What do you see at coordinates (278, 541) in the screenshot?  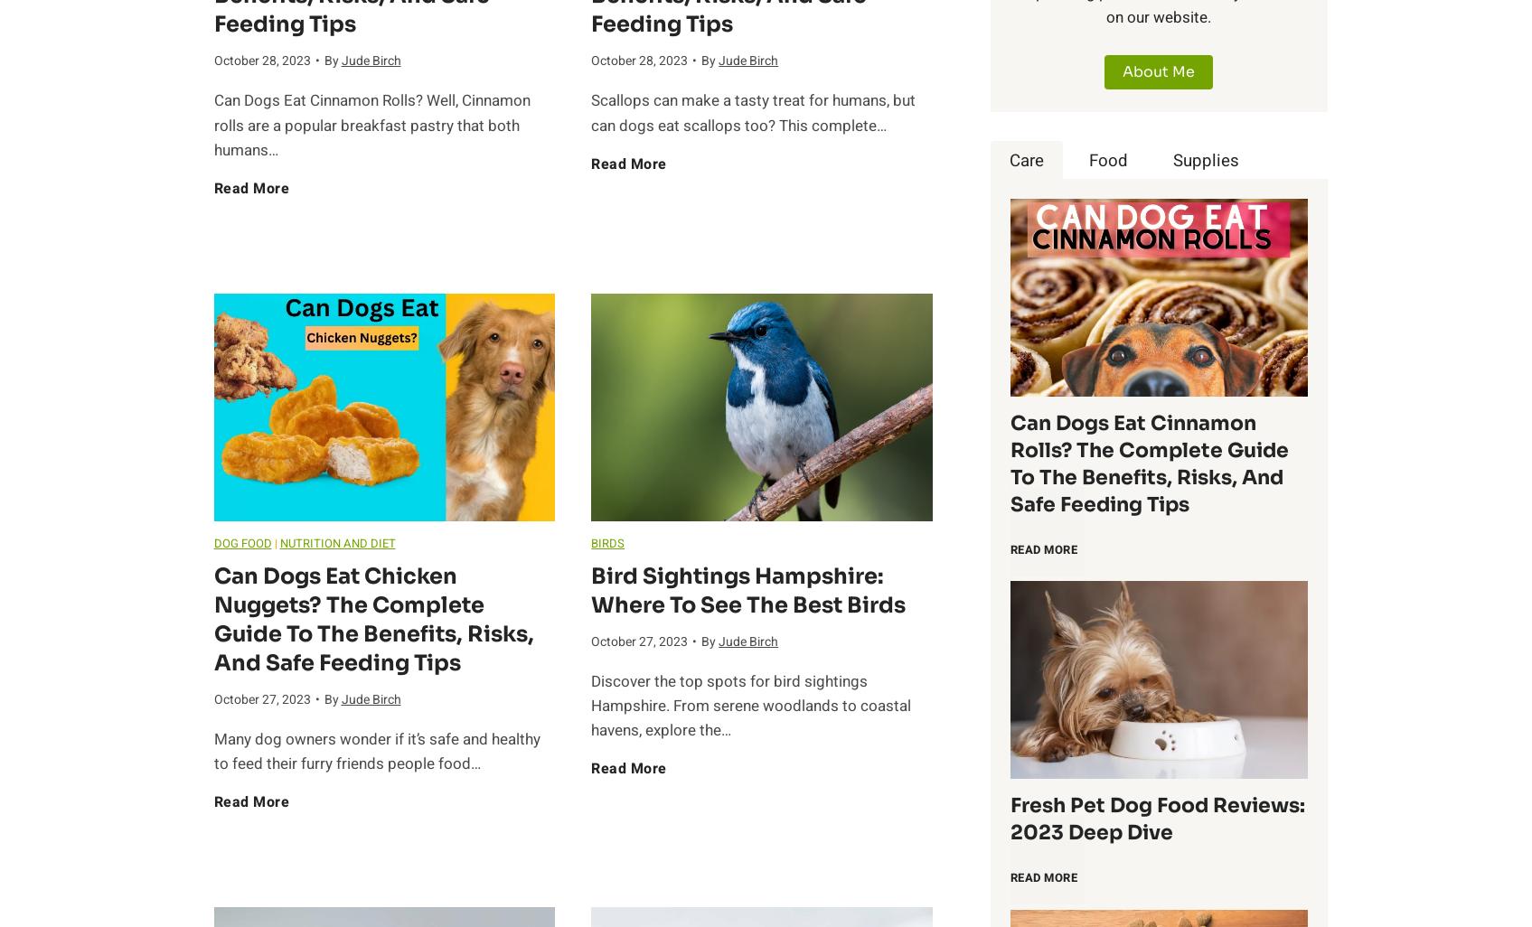 I see `'Nutrition and Diet'` at bounding box center [278, 541].